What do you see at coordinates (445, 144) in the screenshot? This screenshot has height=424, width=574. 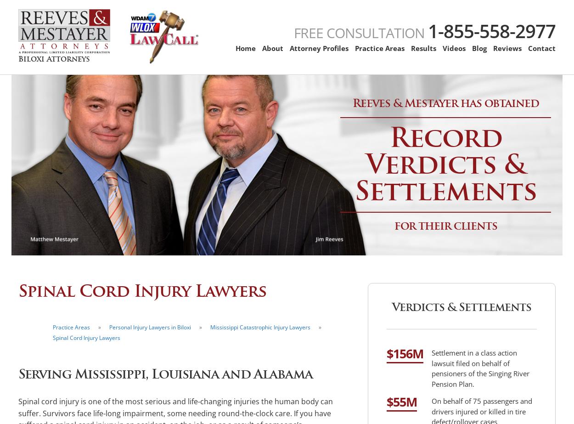 I see `'BP oil spill class action recovery of'` at bounding box center [445, 144].